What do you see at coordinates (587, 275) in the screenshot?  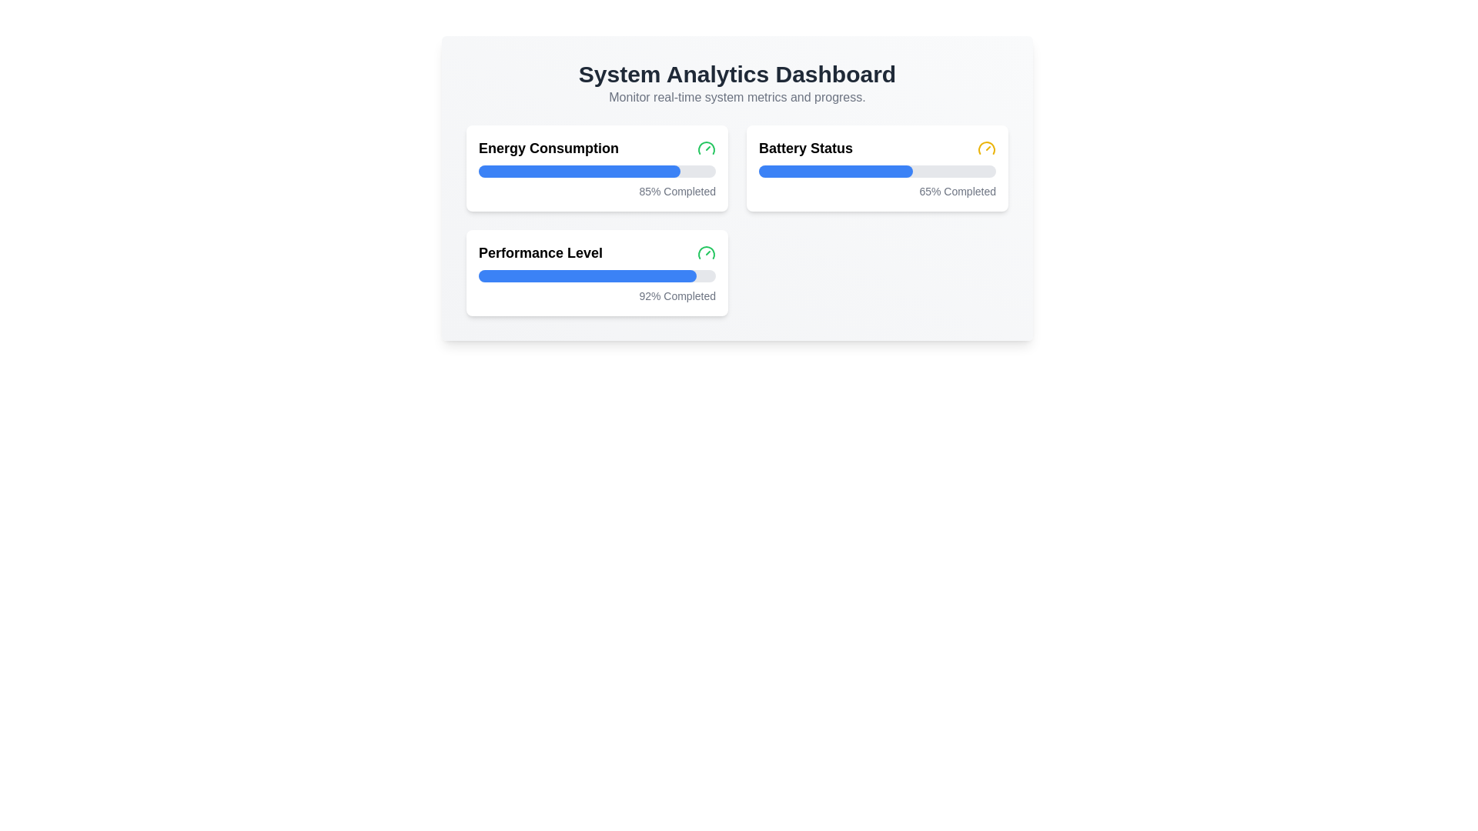 I see `the blue progress bar with rounded edges titled 'Performance Level' located in the bottom-left card of the interface` at bounding box center [587, 275].